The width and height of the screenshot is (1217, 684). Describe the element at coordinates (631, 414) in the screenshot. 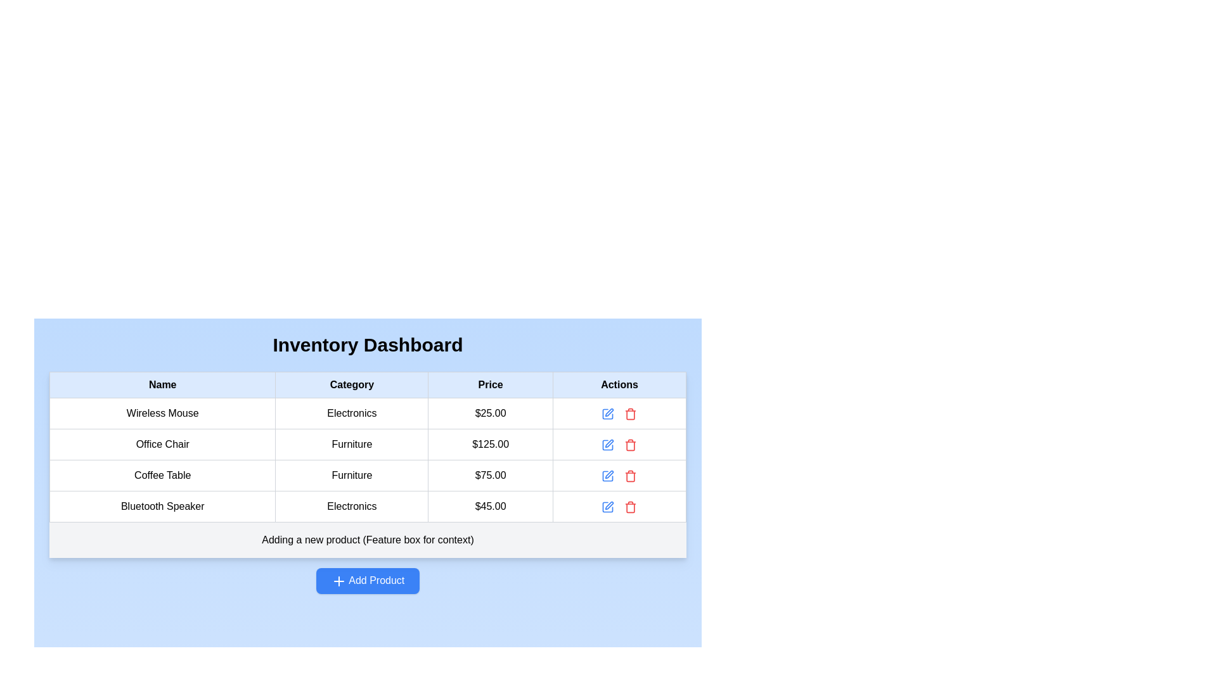

I see `the delete icon button` at that location.